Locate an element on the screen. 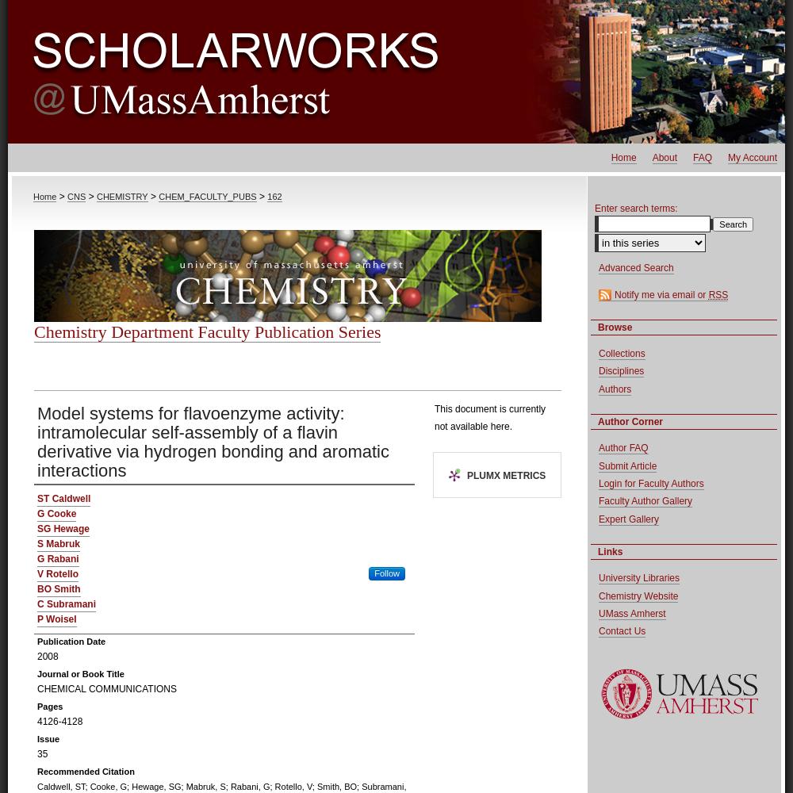 This screenshot has height=793, width=793. '35' is located at coordinates (42, 753).